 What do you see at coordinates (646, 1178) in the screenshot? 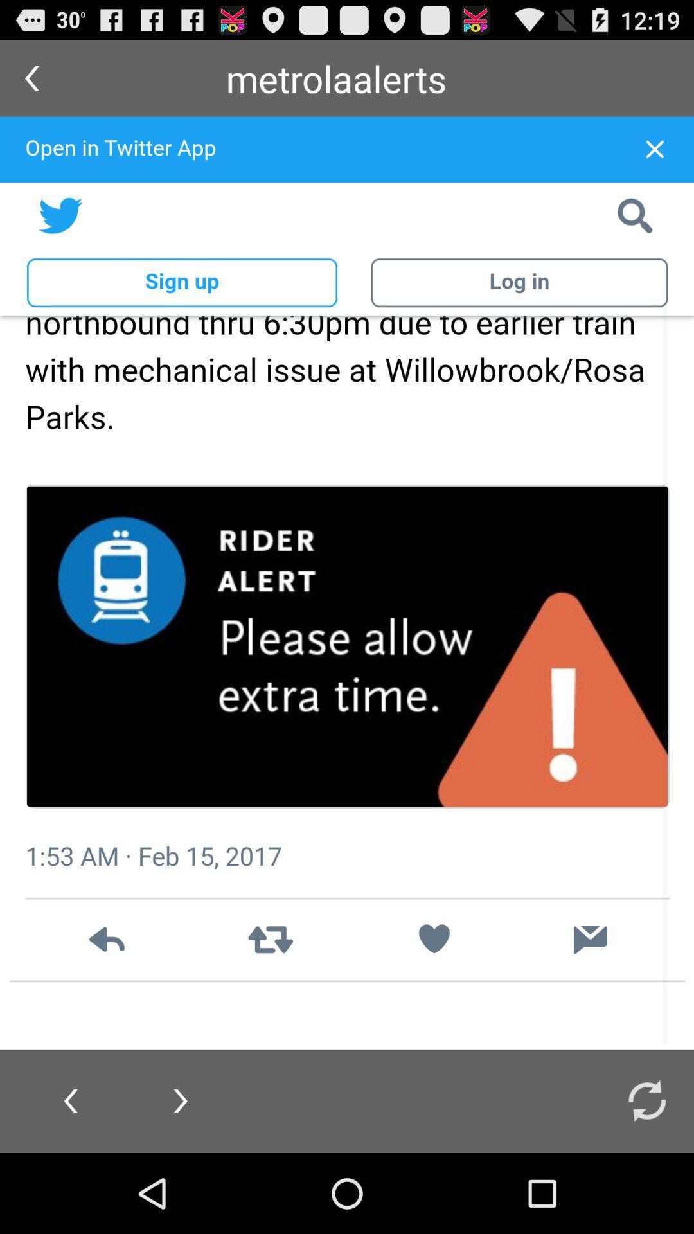
I see `the refresh icon` at bounding box center [646, 1178].